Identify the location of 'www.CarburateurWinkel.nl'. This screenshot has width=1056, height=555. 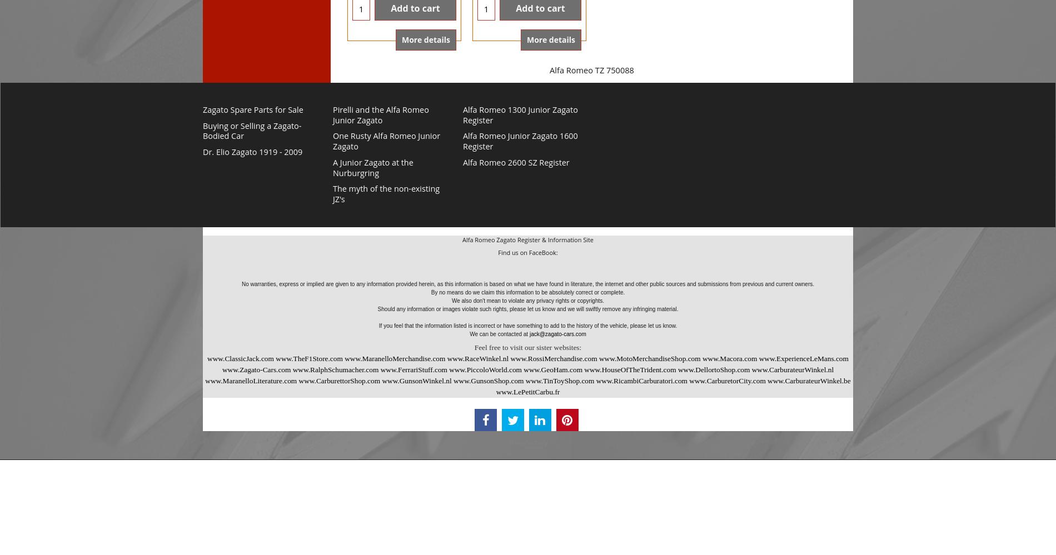
(792, 369).